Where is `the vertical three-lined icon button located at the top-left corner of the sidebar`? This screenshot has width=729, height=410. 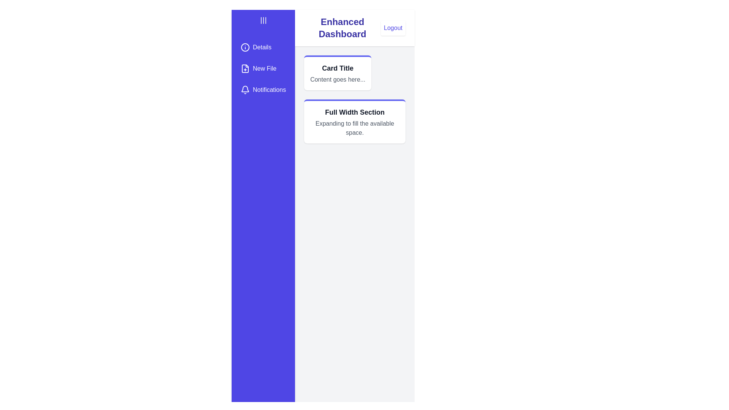 the vertical three-lined icon button located at the top-left corner of the sidebar is located at coordinates (263, 20).